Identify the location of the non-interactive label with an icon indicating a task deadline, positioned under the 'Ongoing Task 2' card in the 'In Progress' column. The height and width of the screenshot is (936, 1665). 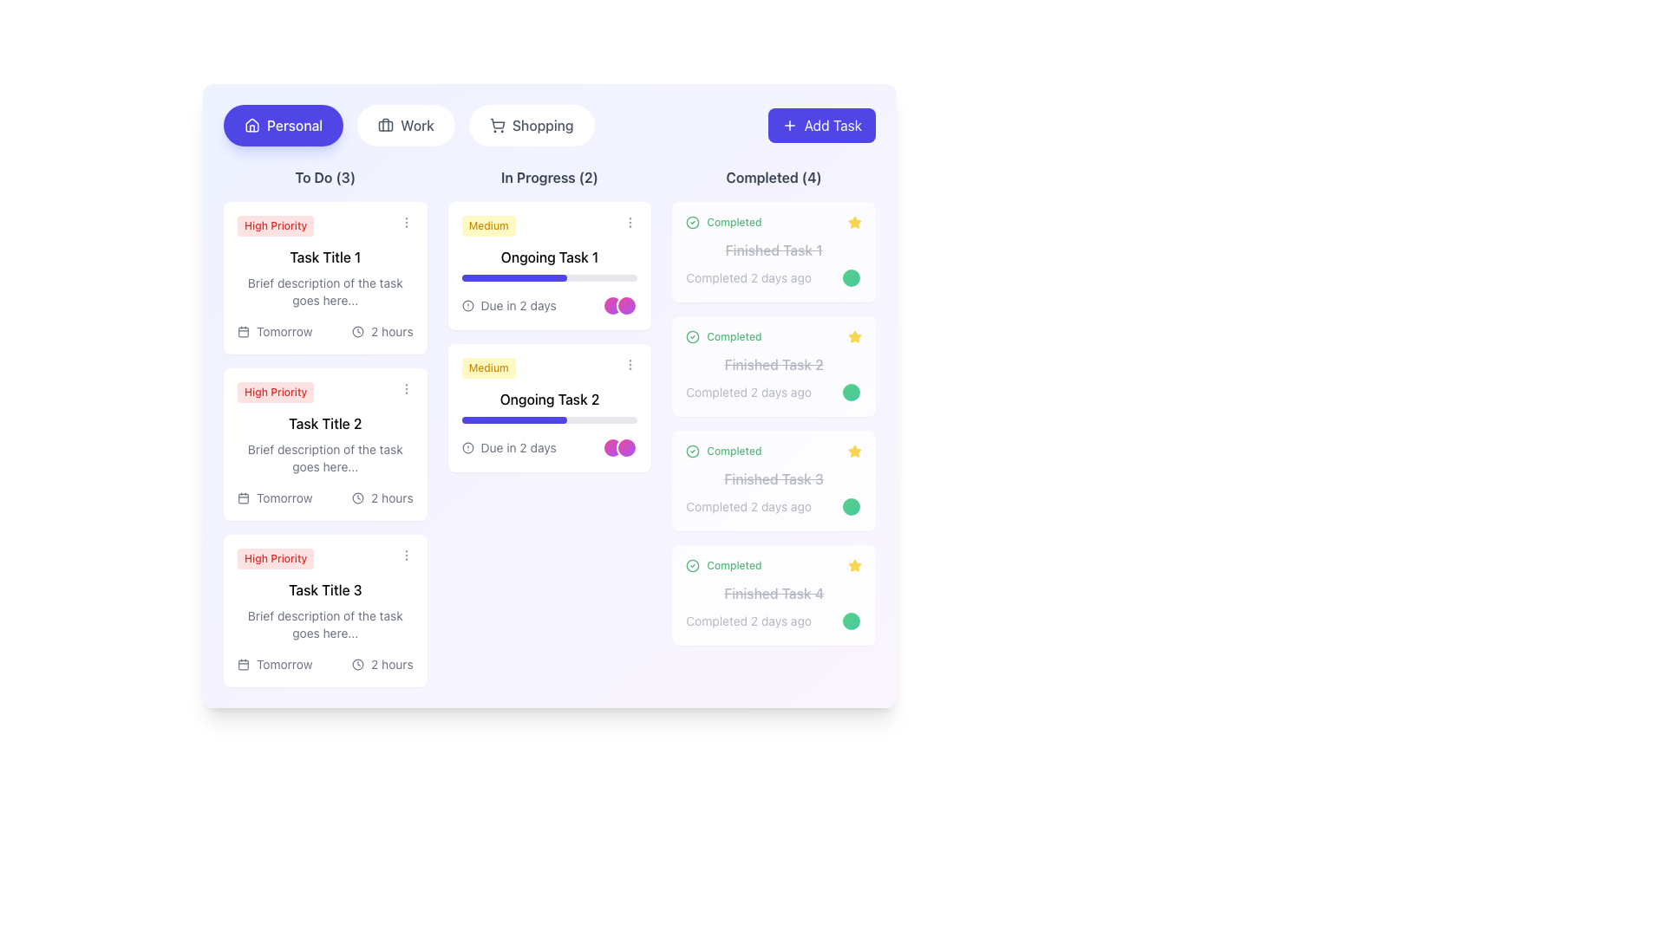
(508, 446).